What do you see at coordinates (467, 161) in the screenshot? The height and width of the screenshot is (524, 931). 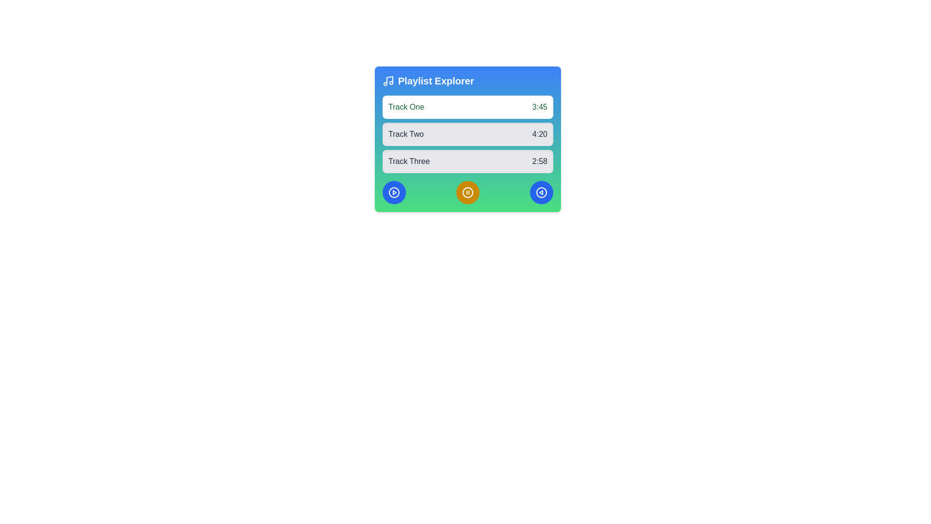 I see `on the third track item titled 'Track Three' in the 'Playlist Explorer'` at bounding box center [467, 161].